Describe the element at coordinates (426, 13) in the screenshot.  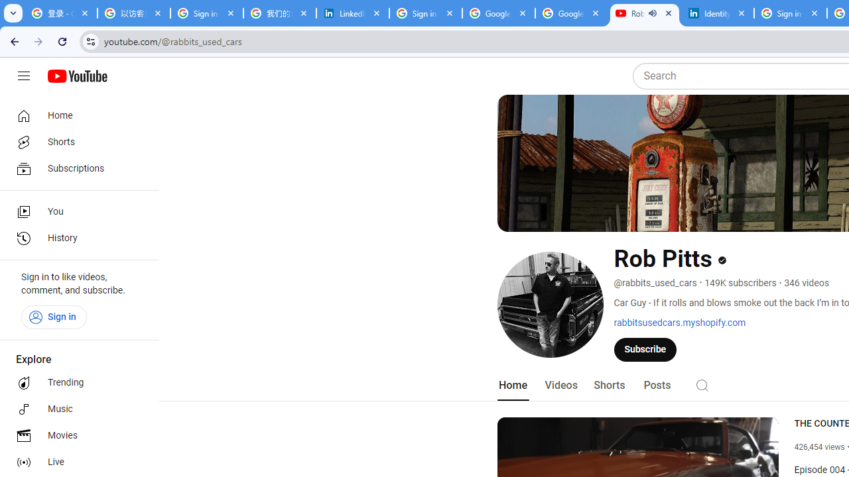
I see `'Sign in - Google Accounts'` at that location.